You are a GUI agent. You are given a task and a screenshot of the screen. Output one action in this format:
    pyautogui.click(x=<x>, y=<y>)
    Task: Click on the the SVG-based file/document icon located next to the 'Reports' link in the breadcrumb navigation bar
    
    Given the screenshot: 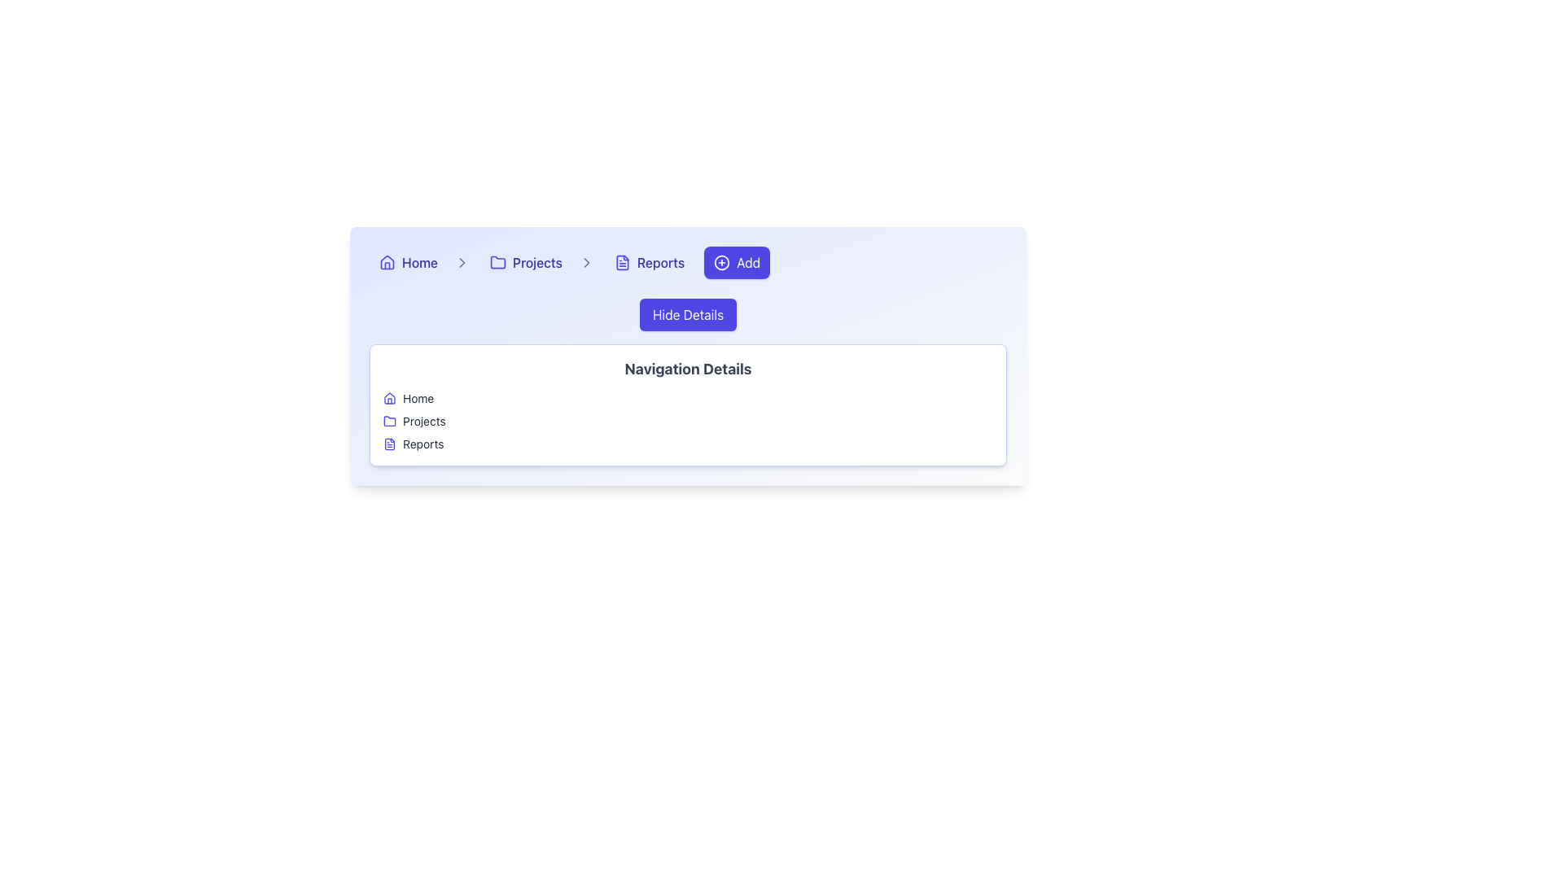 What is the action you would take?
    pyautogui.click(x=621, y=262)
    